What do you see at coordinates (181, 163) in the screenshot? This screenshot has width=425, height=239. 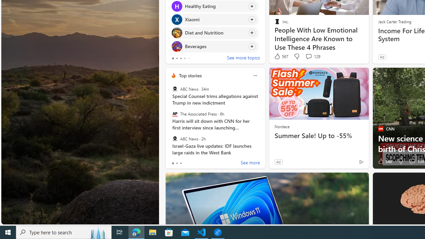 I see `'tab-2'` at bounding box center [181, 163].